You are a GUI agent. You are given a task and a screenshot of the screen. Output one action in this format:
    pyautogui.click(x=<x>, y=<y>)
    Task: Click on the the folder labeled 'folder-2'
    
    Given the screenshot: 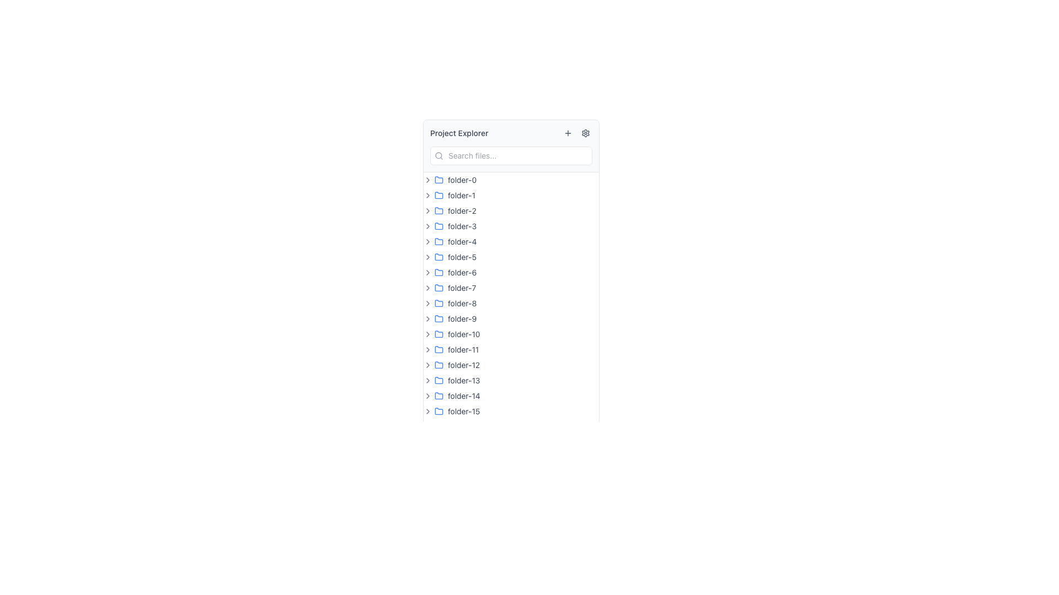 What is the action you would take?
    pyautogui.click(x=510, y=210)
    